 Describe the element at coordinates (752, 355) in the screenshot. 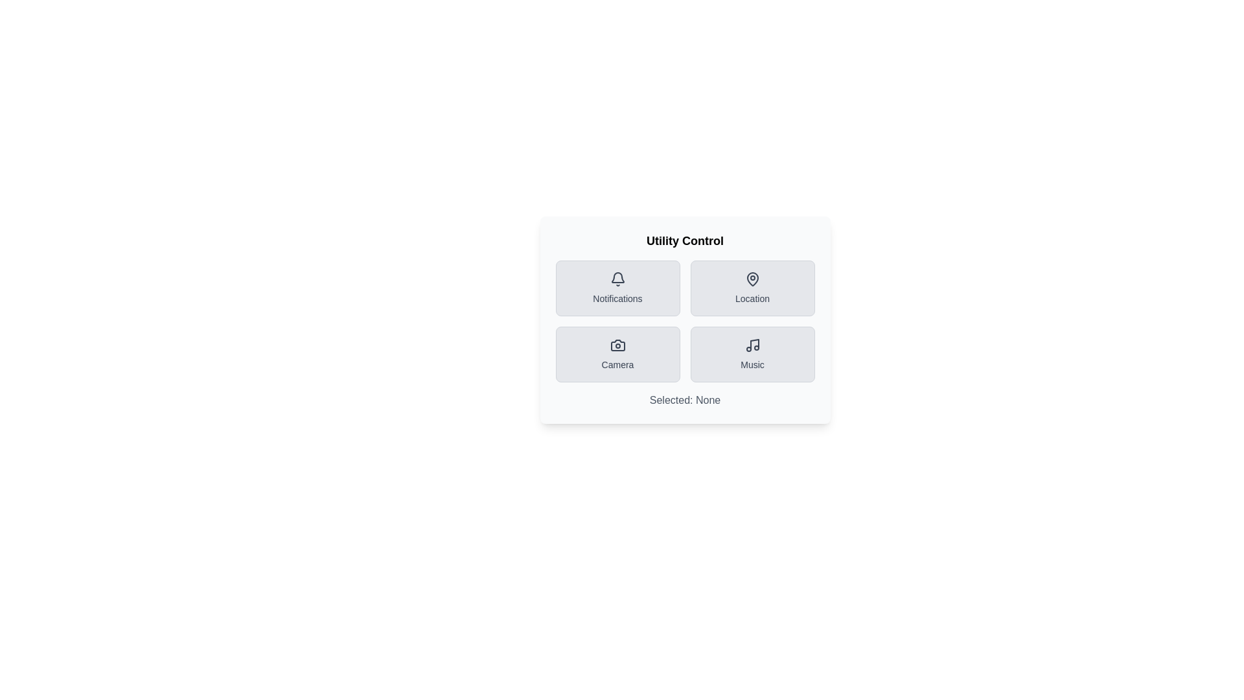

I see `the 'Music' button to toggle its state` at that location.